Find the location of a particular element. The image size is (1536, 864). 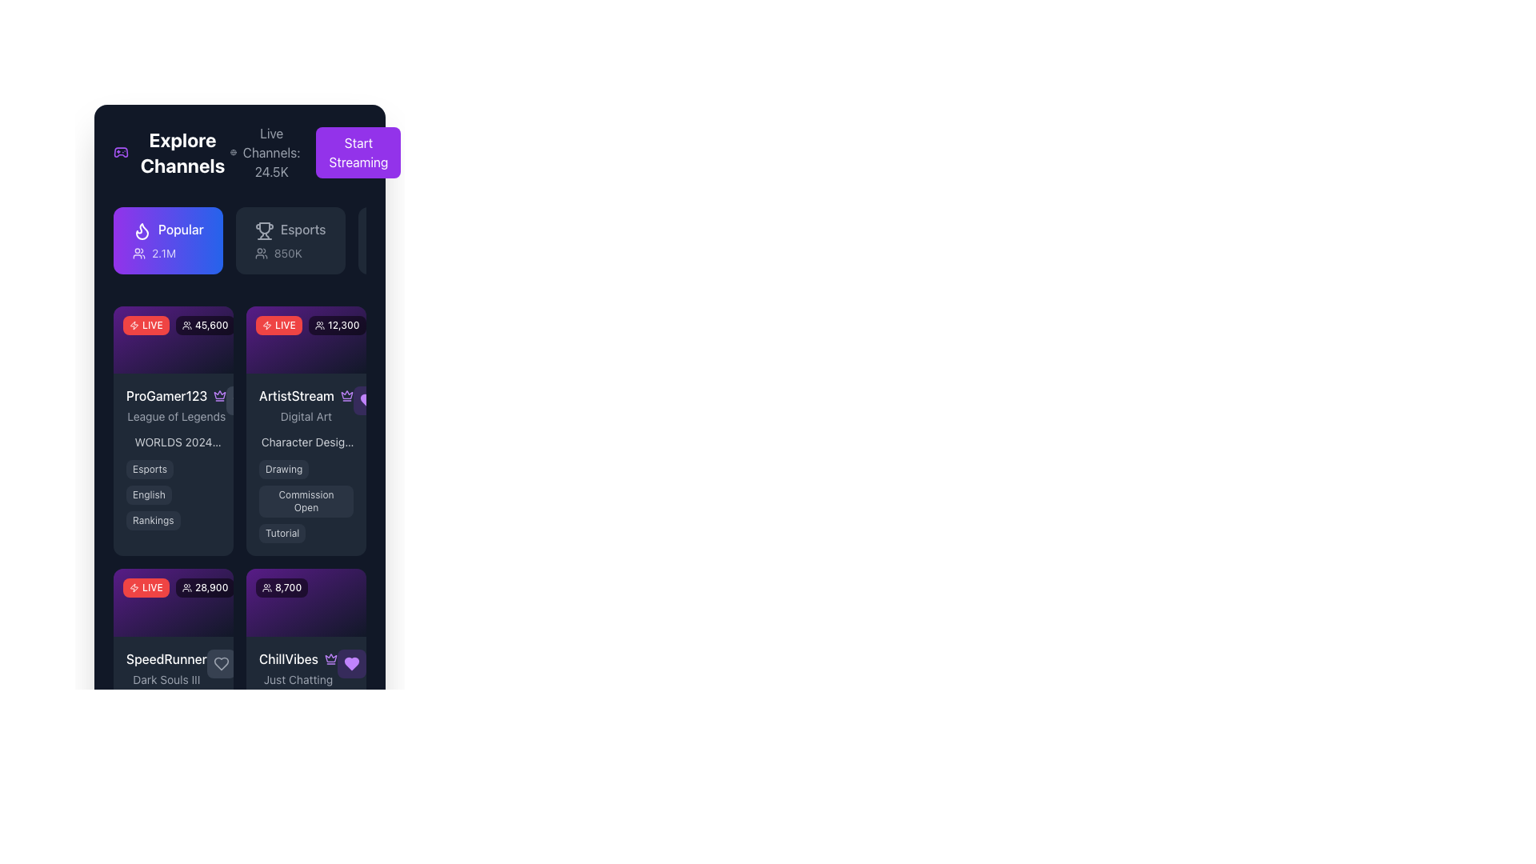

the live streaming channel card located in the first column of the grid layout below the 'Explore Channels' header is located at coordinates (173, 430).